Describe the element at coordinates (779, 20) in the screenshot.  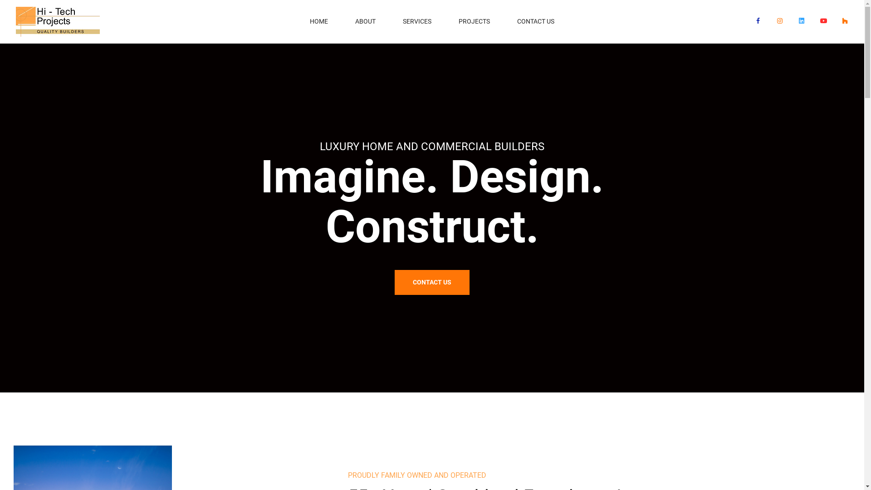
I see `'Instagram'` at that location.